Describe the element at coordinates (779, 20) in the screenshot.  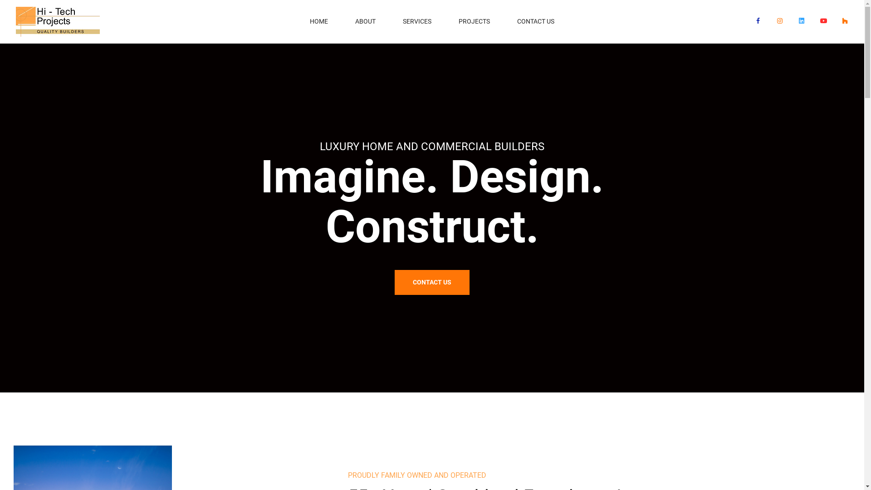
I see `'Instagram'` at that location.